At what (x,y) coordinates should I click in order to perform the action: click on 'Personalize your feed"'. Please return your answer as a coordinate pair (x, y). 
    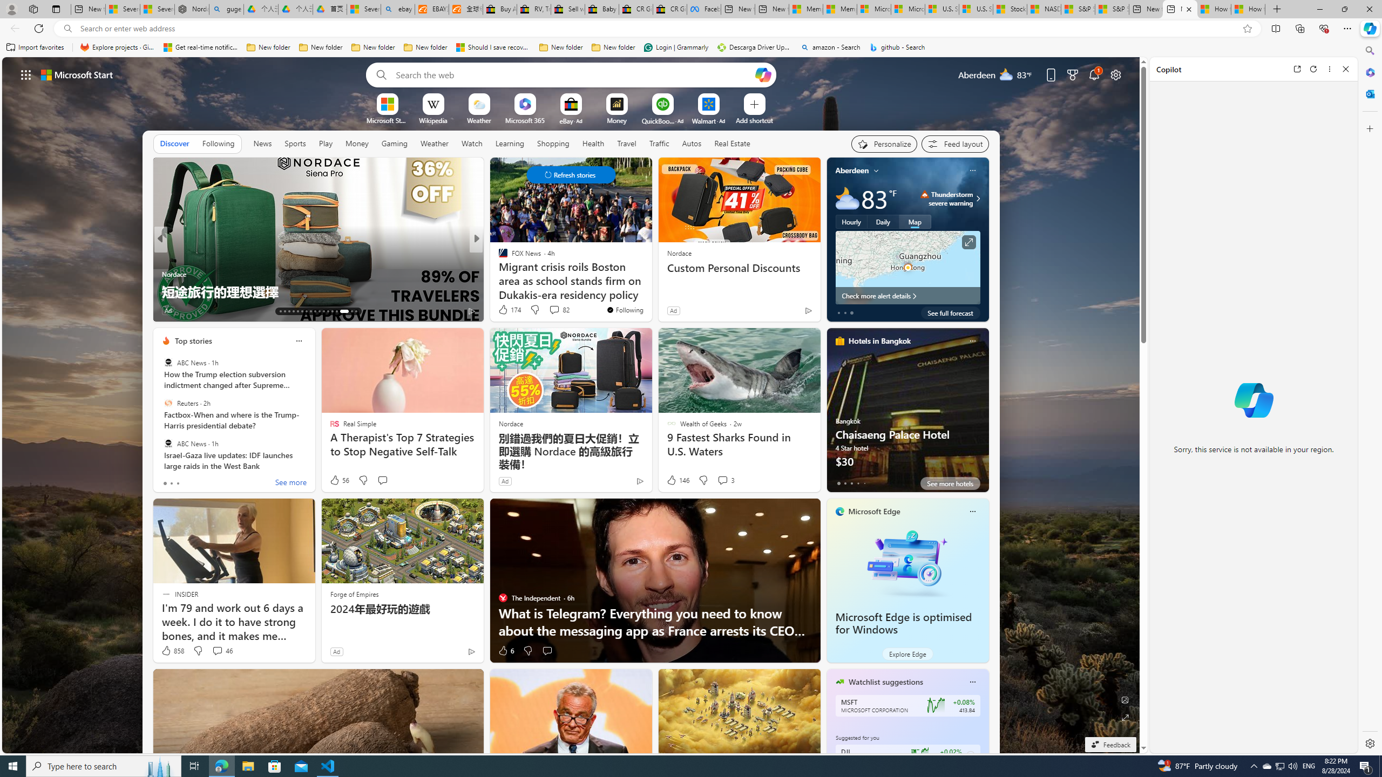
    Looking at the image, I should click on (884, 144).